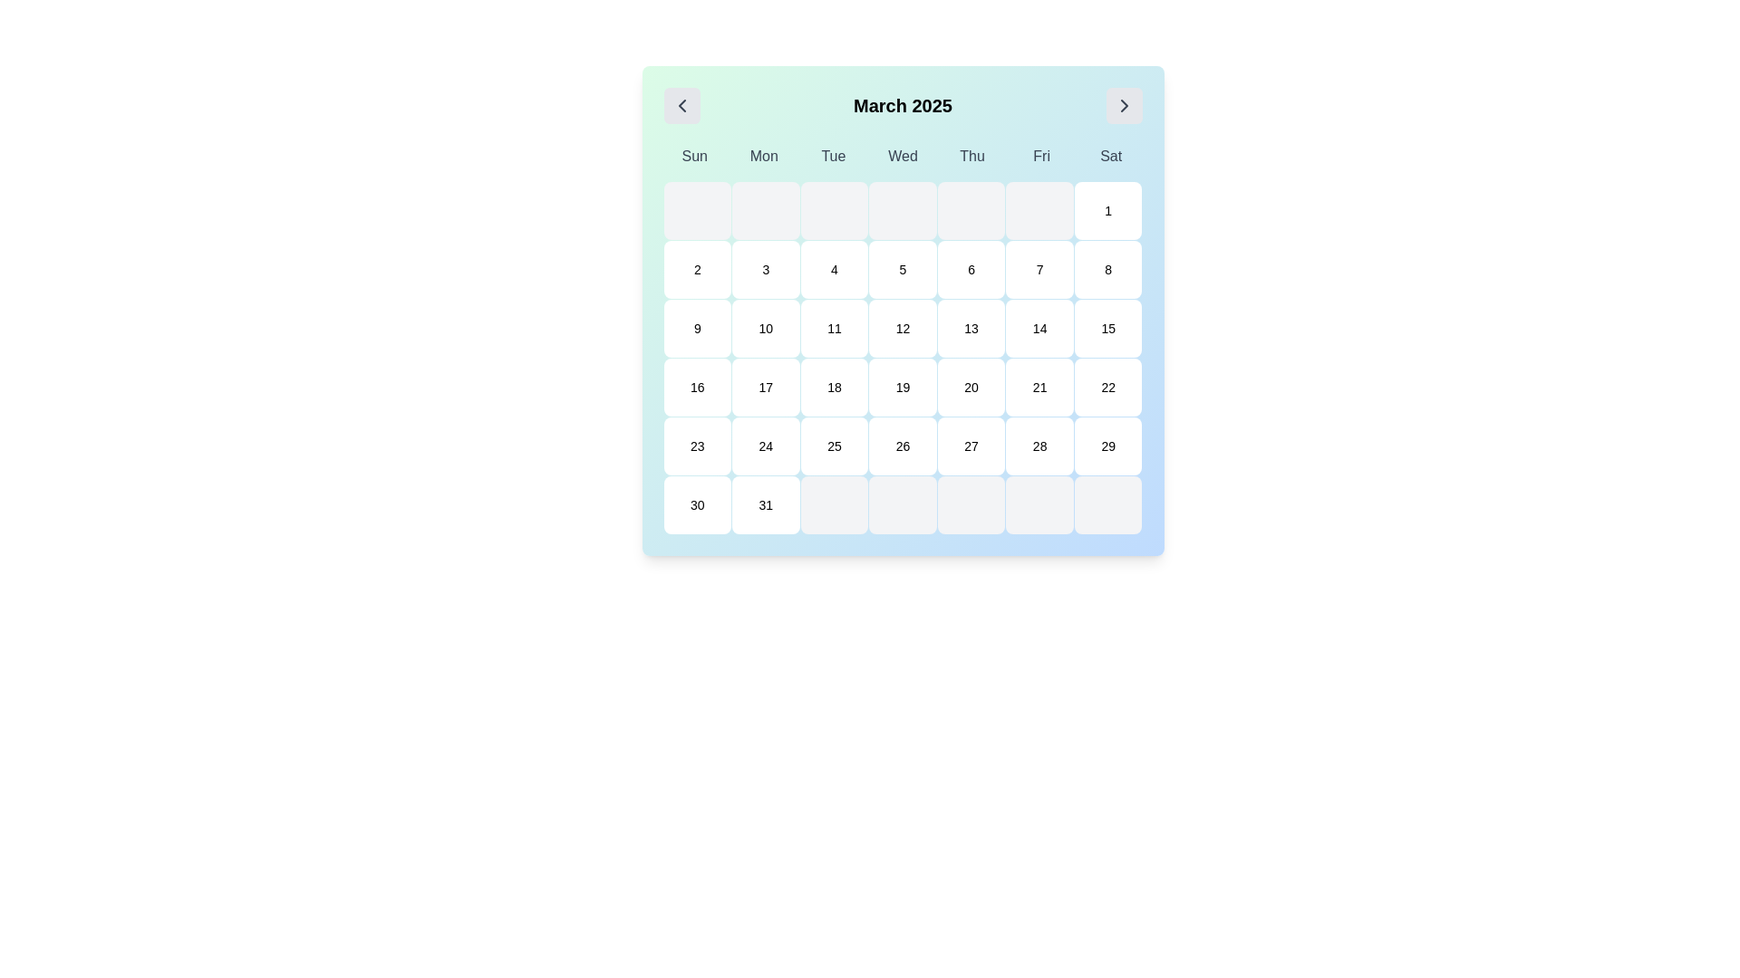 The image size is (1740, 978). Describe the element at coordinates (766, 328) in the screenshot. I see `the button representing the date '10' in the calendar interface` at that location.